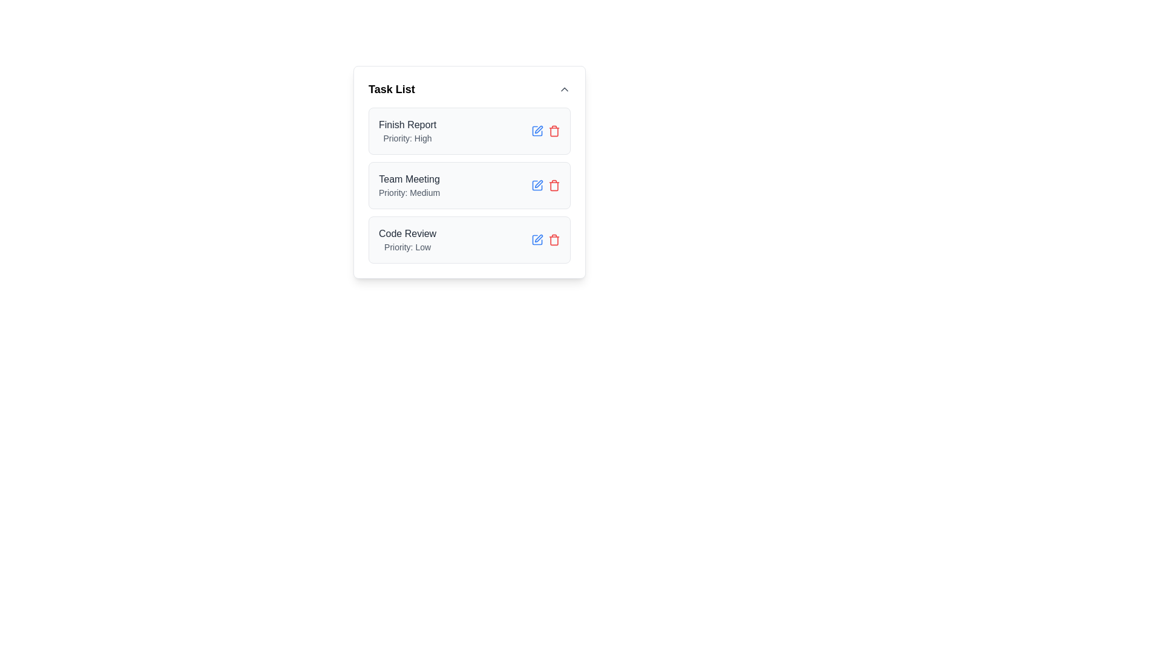 The width and height of the screenshot is (1162, 653). What do you see at coordinates (554, 240) in the screenshot?
I see `the delete button icon for the task item labeled 'Code Review'` at bounding box center [554, 240].